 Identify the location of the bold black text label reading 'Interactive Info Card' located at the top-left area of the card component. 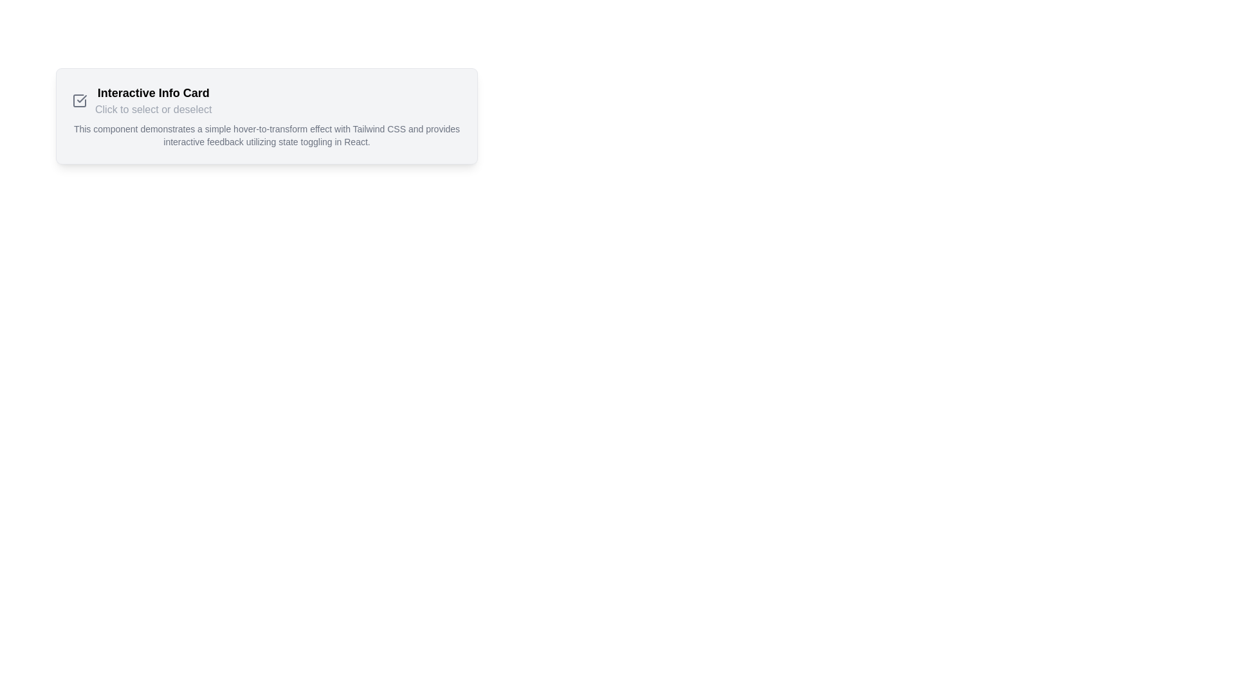
(153, 93).